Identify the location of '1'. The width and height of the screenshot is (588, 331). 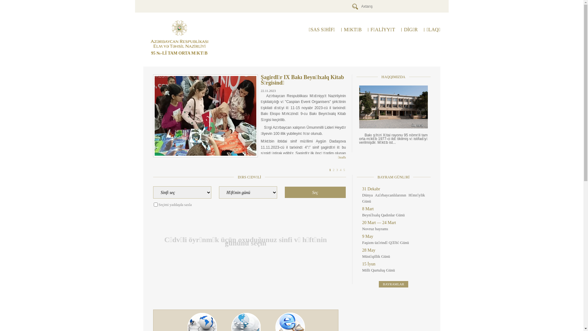
(329, 170).